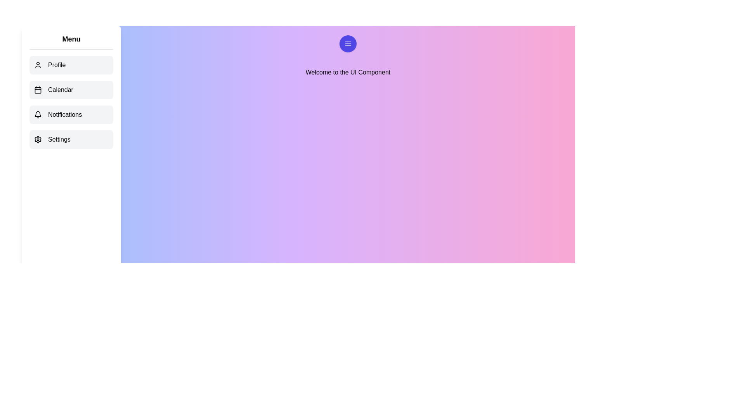  Describe the element at coordinates (71, 89) in the screenshot. I see `the menu item Calendar from the menu` at that location.